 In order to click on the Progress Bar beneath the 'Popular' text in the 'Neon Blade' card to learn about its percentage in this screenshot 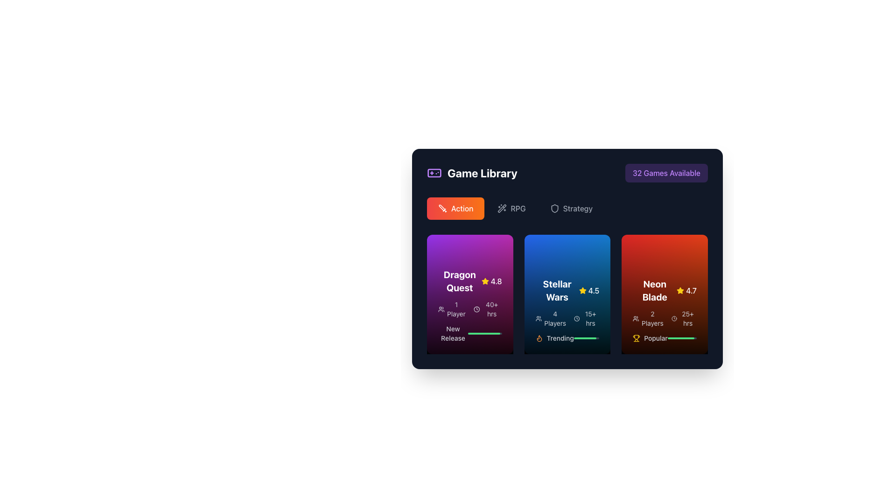, I will do `click(682, 338)`.